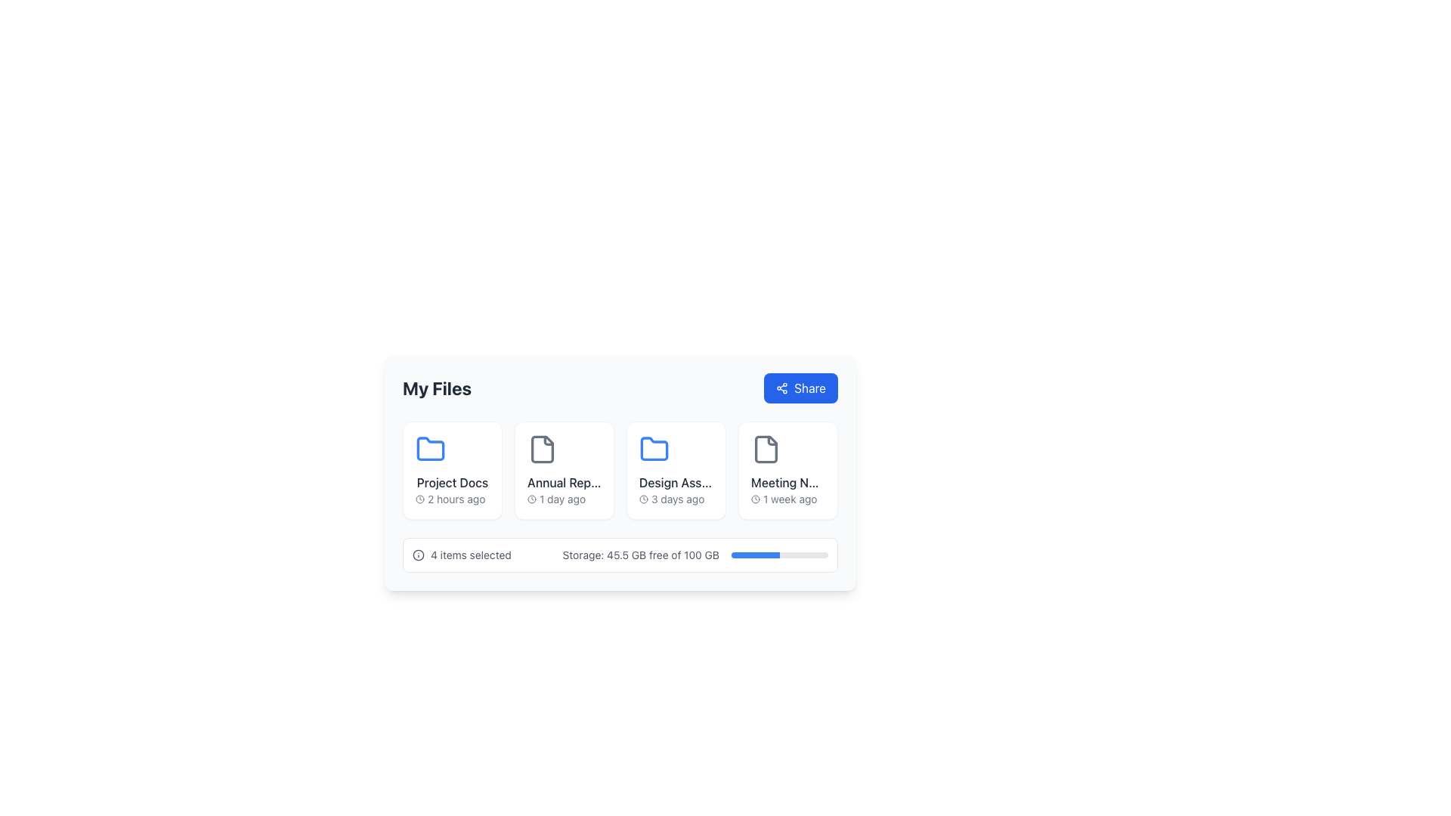 The image size is (1451, 816). Describe the element at coordinates (452, 483) in the screenshot. I see `the label located in the first card of the grid layout, which is positioned below the blue folder icon and above the text '2 hours ago'` at that location.